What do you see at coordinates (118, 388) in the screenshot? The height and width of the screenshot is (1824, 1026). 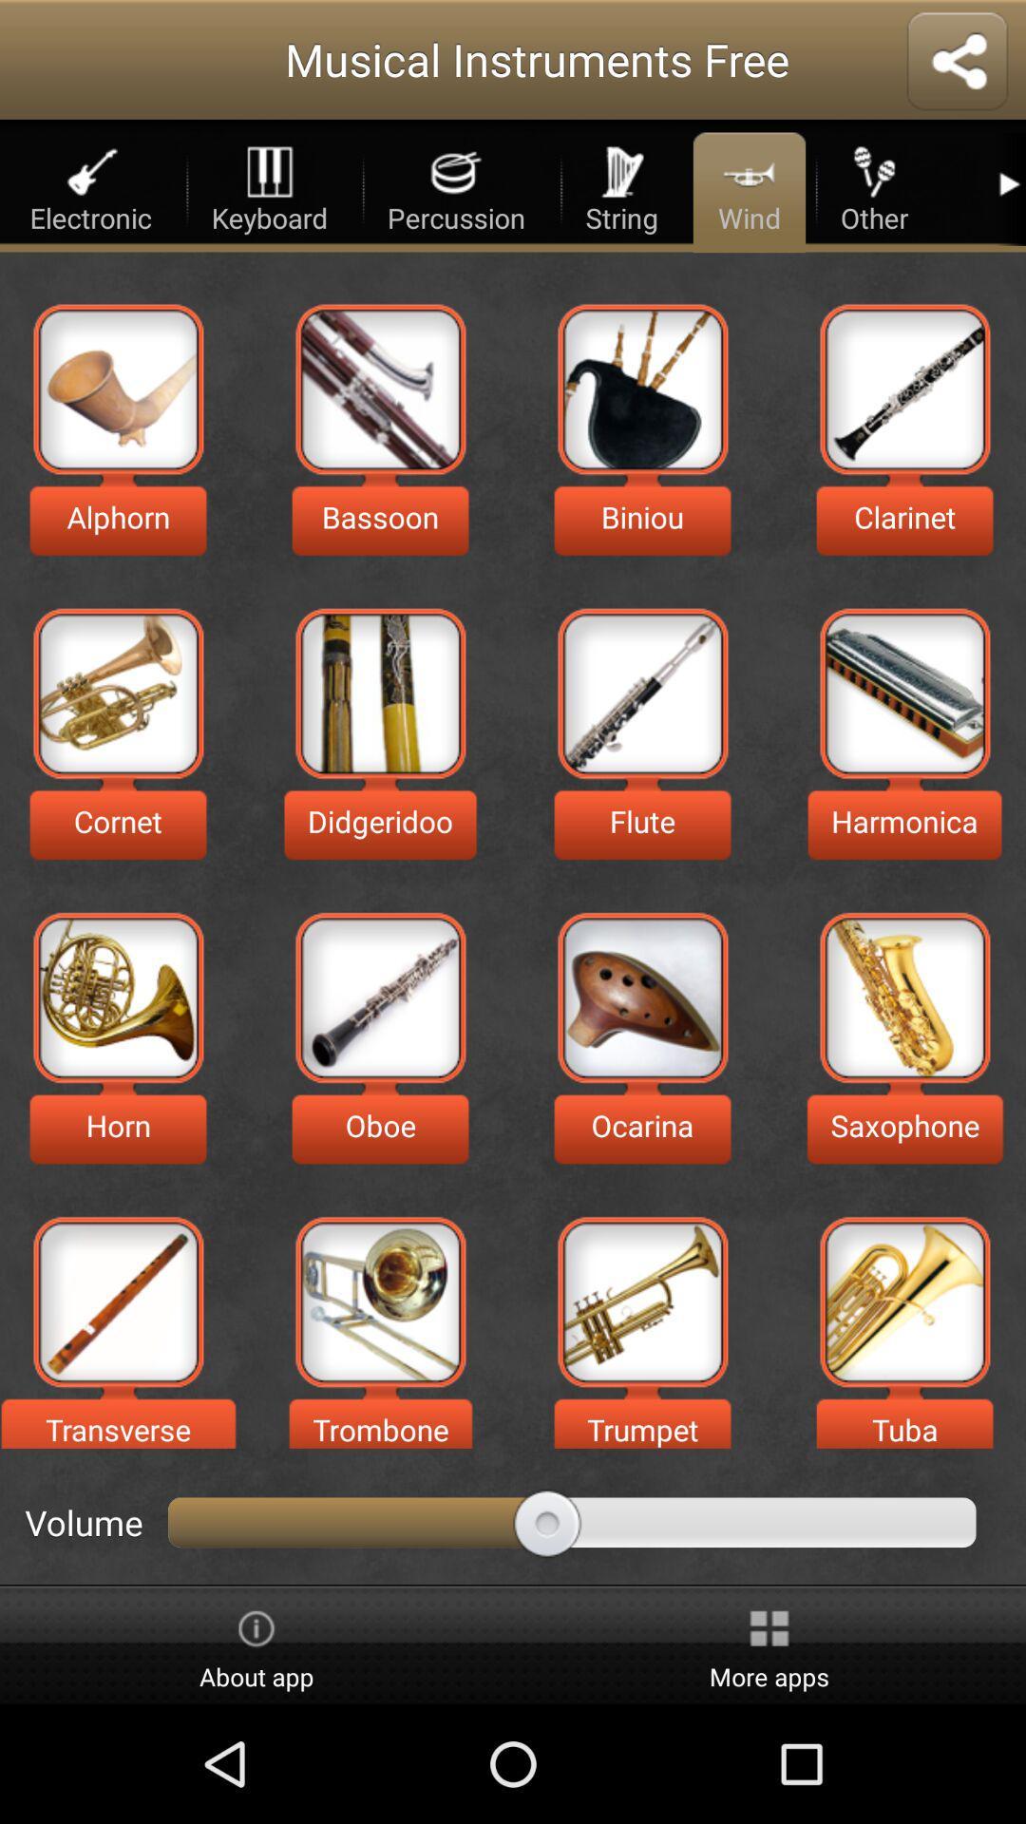 I see `plays alphorn music` at bounding box center [118, 388].